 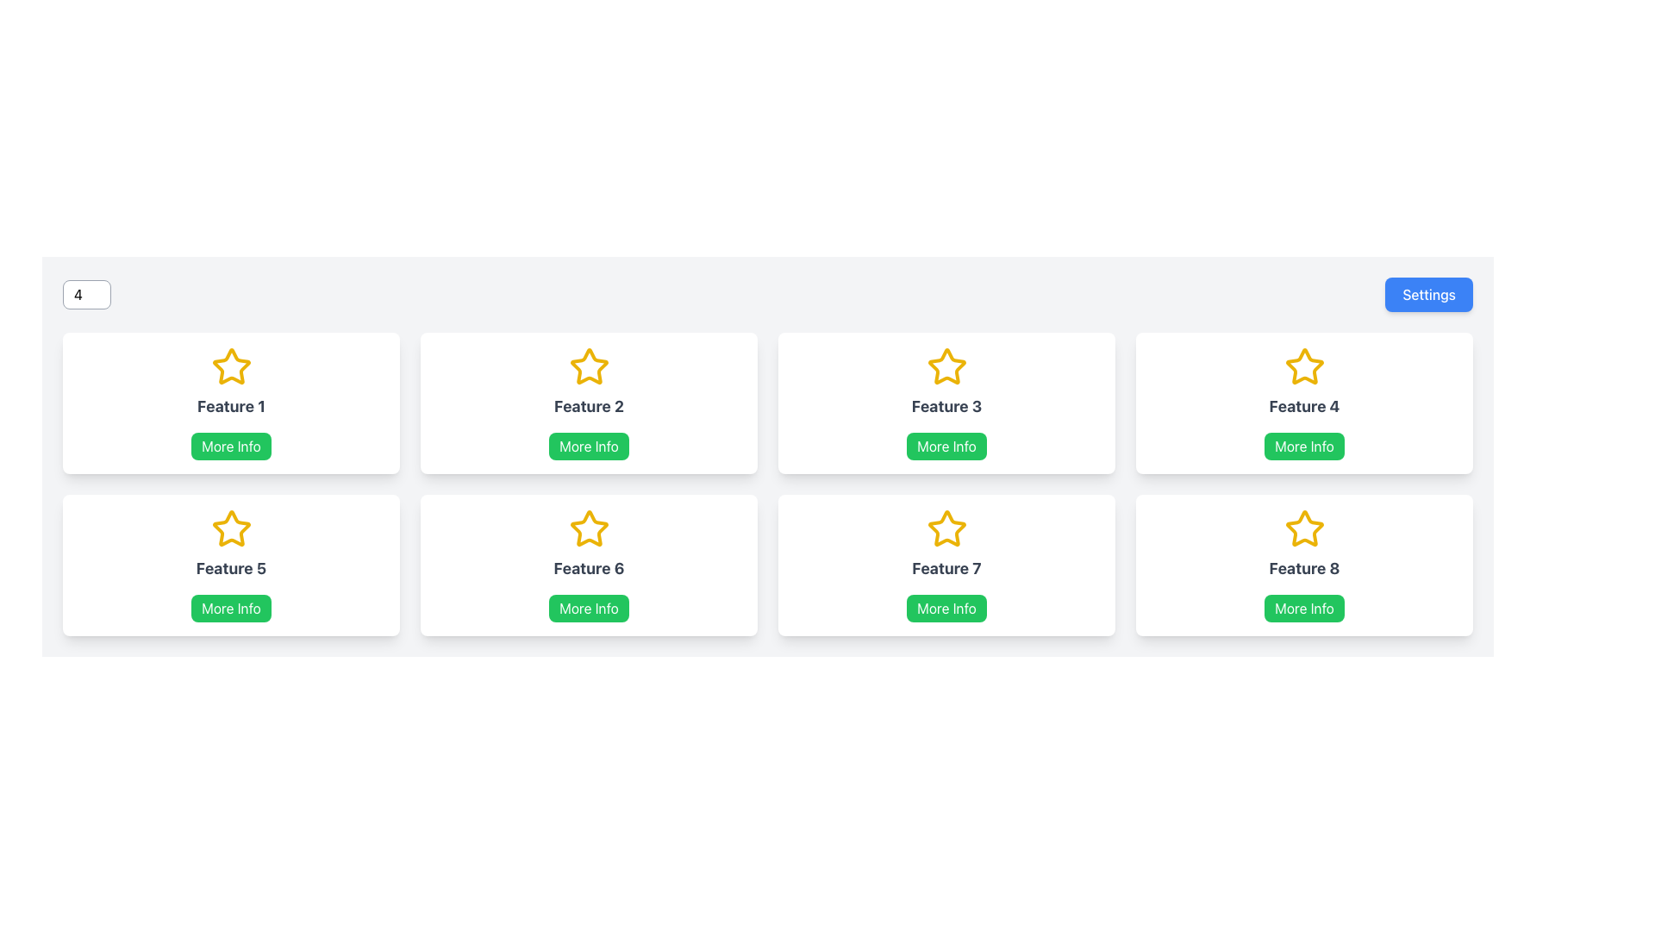 What do you see at coordinates (589, 568) in the screenshot?
I see `the Text label that serves as a title for the card, located in the bottom row of a grid layout, positioned between a yellow star icon and a green 'More Info' button` at bounding box center [589, 568].